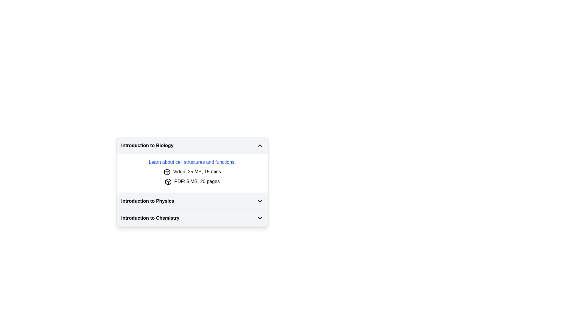 This screenshot has height=321, width=571. I want to click on the toggle button (chevron icon) located to the far right of the 'Introduction to Biology' section header, so click(260, 145).